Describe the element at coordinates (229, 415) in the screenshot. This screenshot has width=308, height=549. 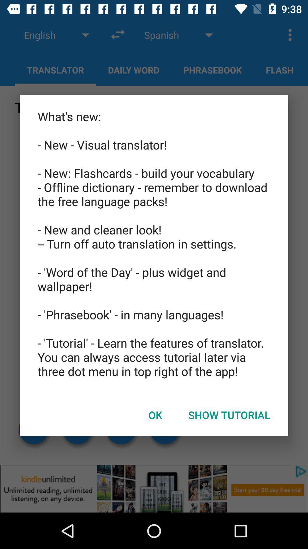
I see `the item to the right of the ok icon` at that location.